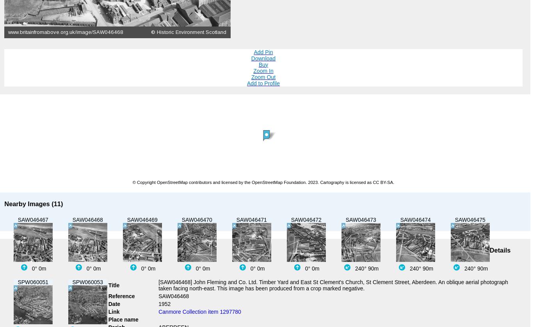 The width and height of the screenshot is (537, 327). Describe the element at coordinates (263, 83) in the screenshot. I see `'Add to Profile'` at that location.